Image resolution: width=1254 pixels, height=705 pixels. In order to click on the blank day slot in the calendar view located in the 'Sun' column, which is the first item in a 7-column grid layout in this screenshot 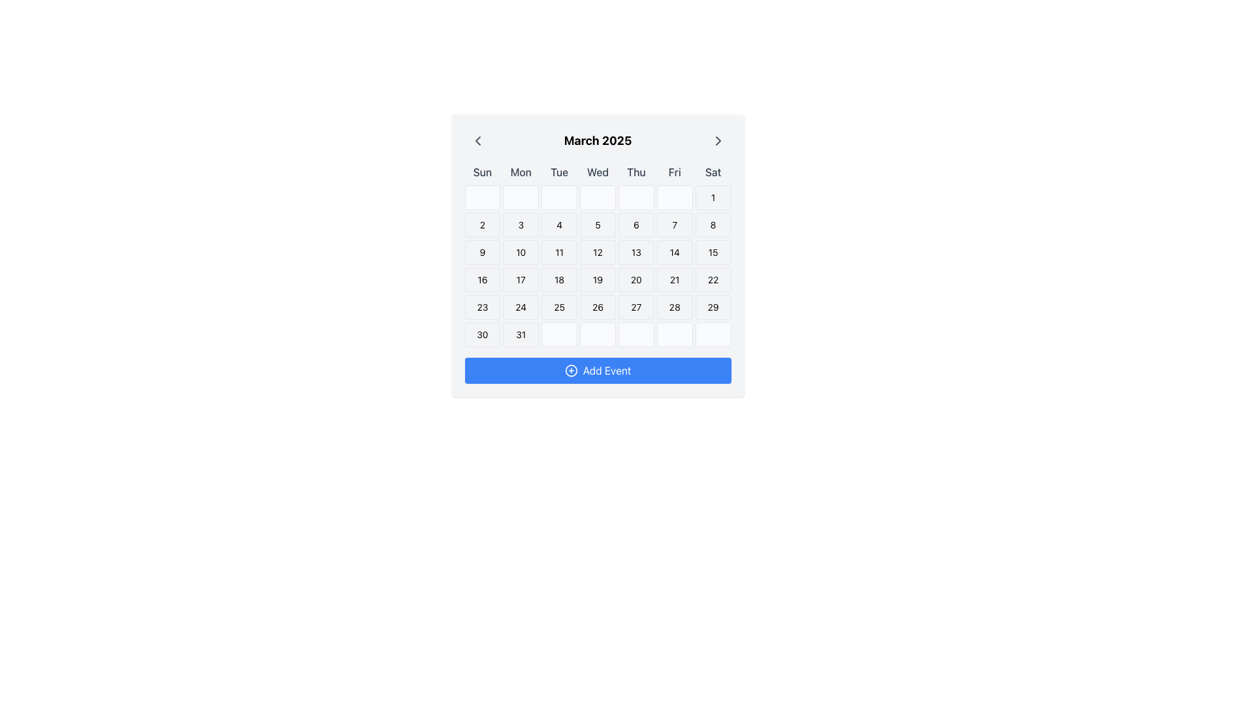, I will do `click(482, 198)`.